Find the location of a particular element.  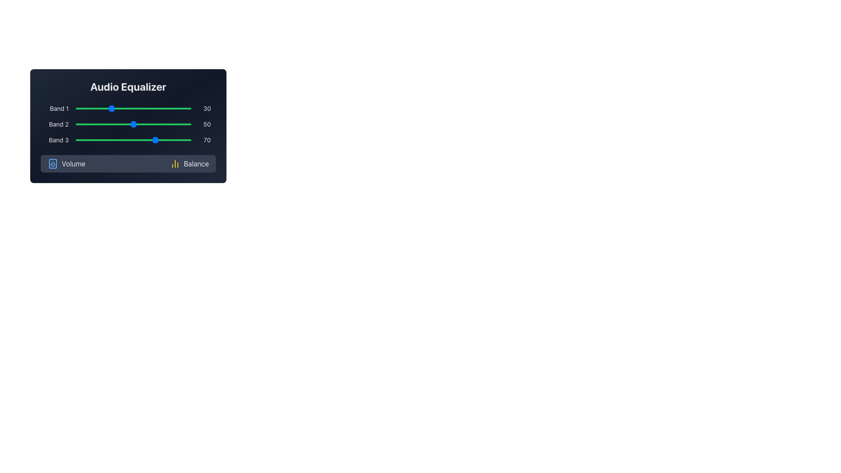

text label displaying 'Balance' which is located on the right side of the 'Volume' label and adjacent to a small graphical icon in the audio equalizer panel is located at coordinates (196, 164).